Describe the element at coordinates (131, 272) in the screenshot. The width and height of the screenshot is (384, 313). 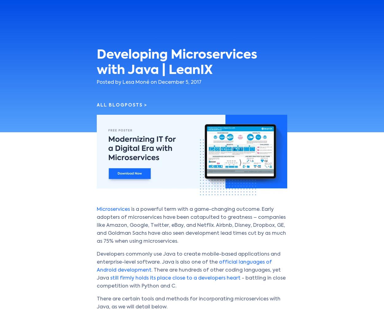
I see `'Cookie Consent'` at that location.